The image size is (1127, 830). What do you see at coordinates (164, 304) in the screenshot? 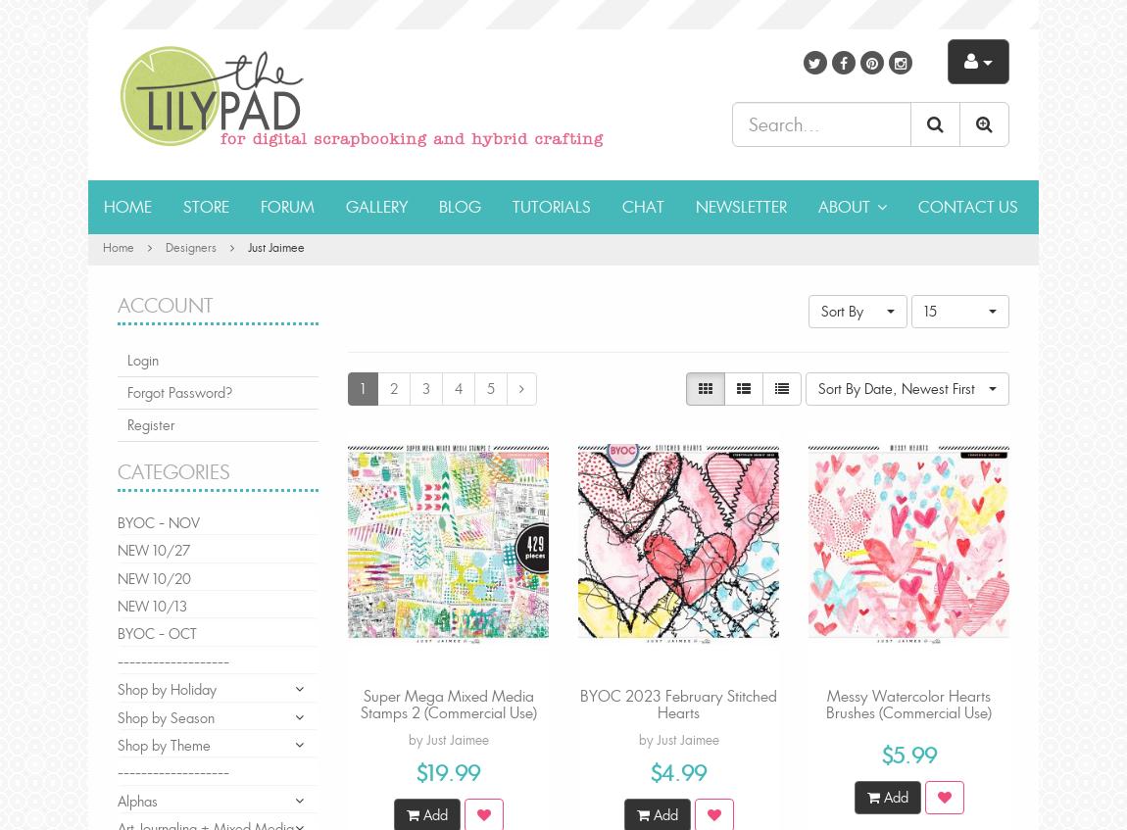
I see `'Account'` at bounding box center [164, 304].